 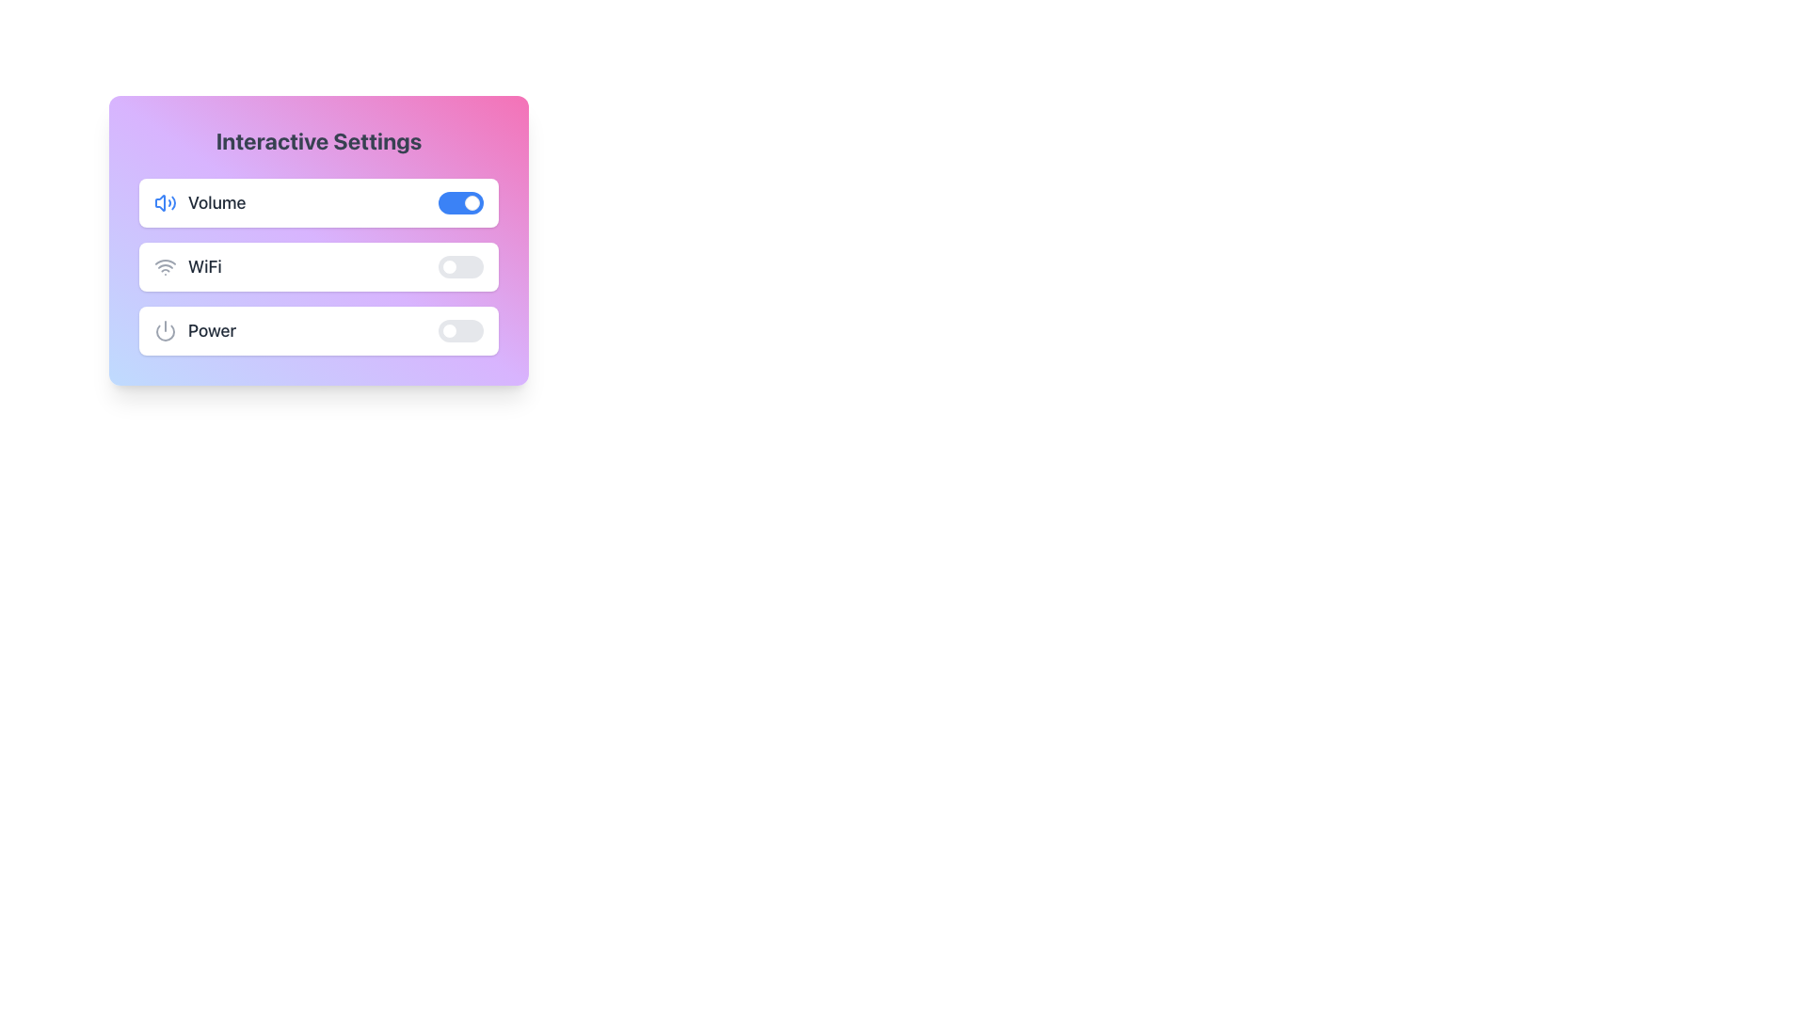 What do you see at coordinates (166, 203) in the screenshot?
I see `the blue volume icon depicting a loudspeaker with sound waves` at bounding box center [166, 203].